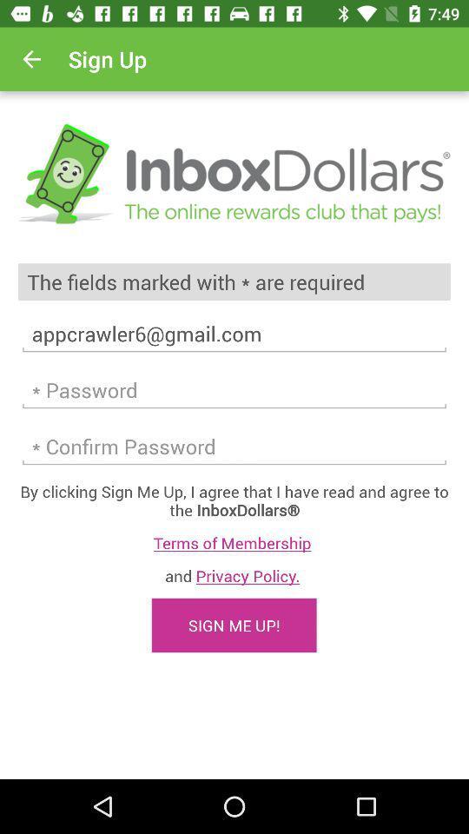 This screenshot has width=469, height=834. What do you see at coordinates (31, 59) in the screenshot?
I see `the item next to the sign up app` at bounding box center [31, 59].